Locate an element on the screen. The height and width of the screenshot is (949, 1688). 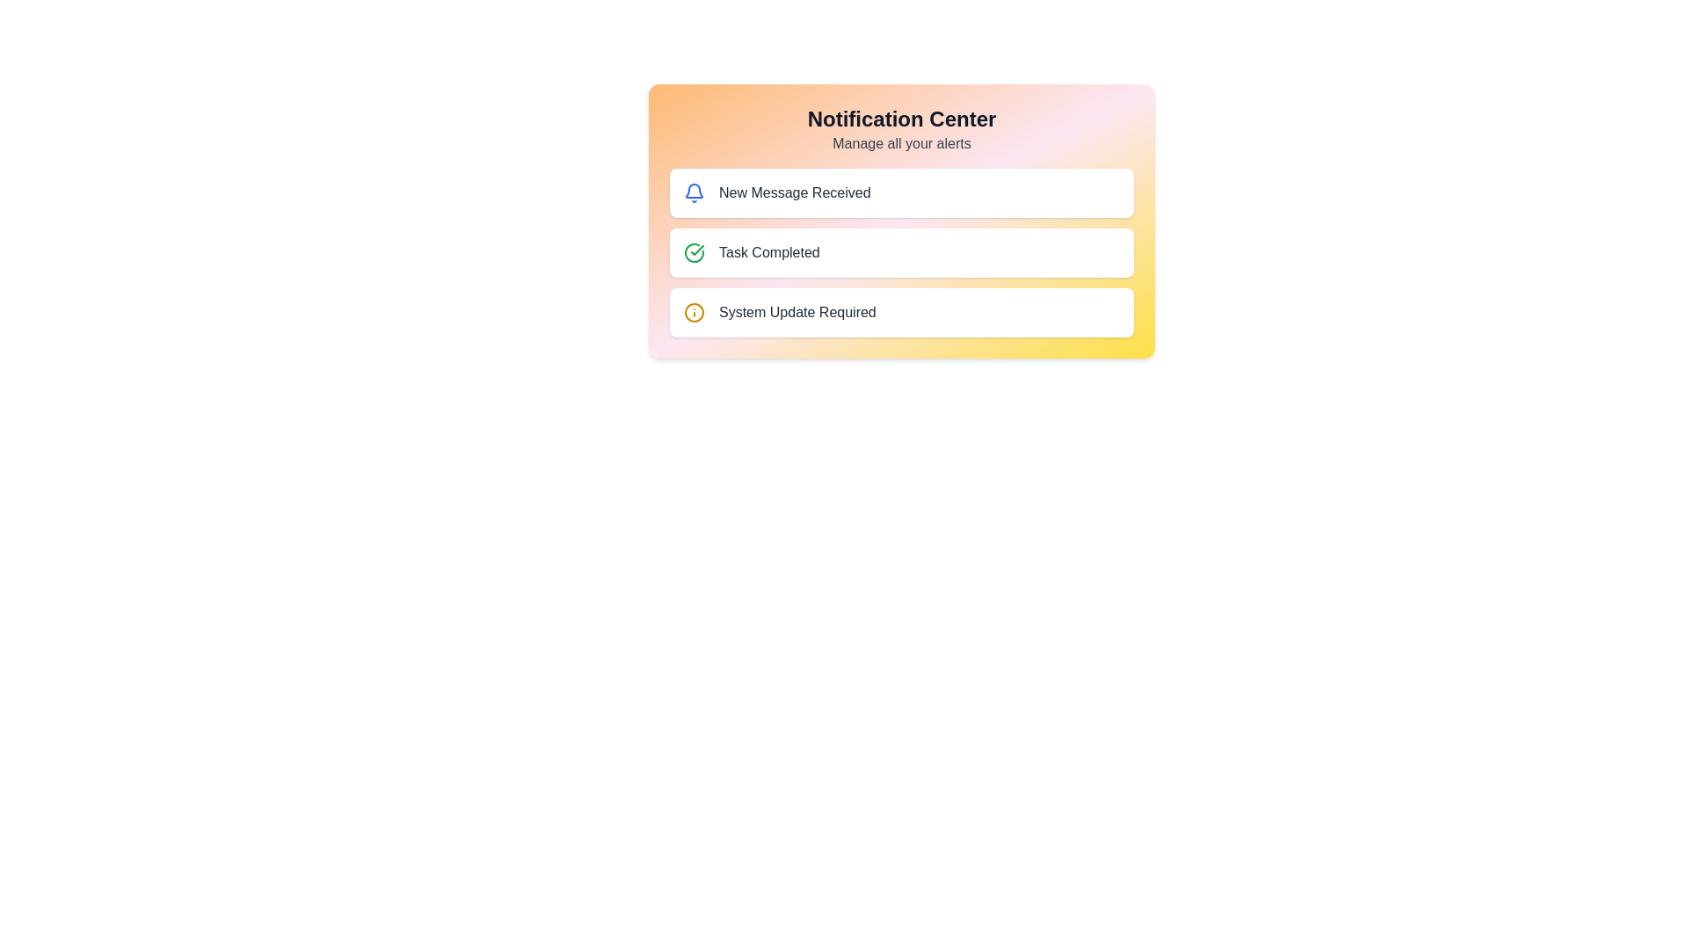
the notification icon for Task Completed is located at coordinates (694, 253).